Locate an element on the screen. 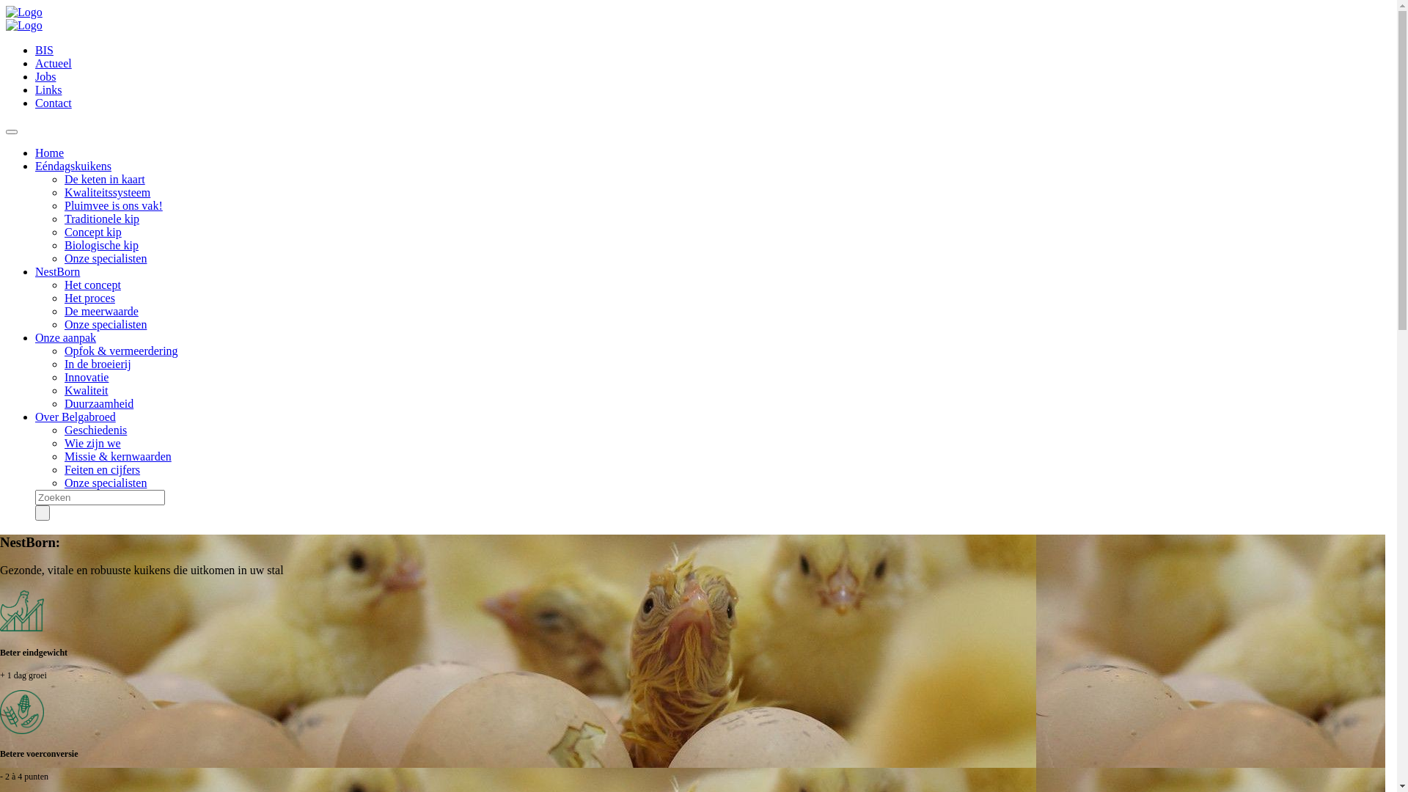 This screenshot has height=792, width=1408. 'Over Belgabroed' is located at coordinates (74, 417).